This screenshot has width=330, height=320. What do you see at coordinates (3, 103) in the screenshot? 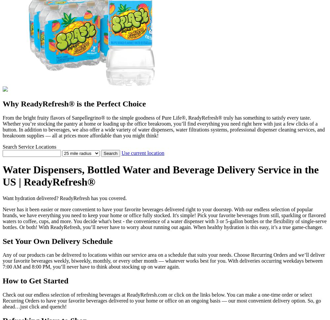
I see `'Why ReadyRefresh® is the Perfect Choice'` at bounding box center [3, 103].